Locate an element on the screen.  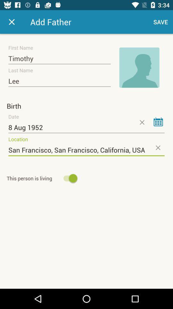
icon below the 8 aug 1952 icon is located at coordinates (86, 150).